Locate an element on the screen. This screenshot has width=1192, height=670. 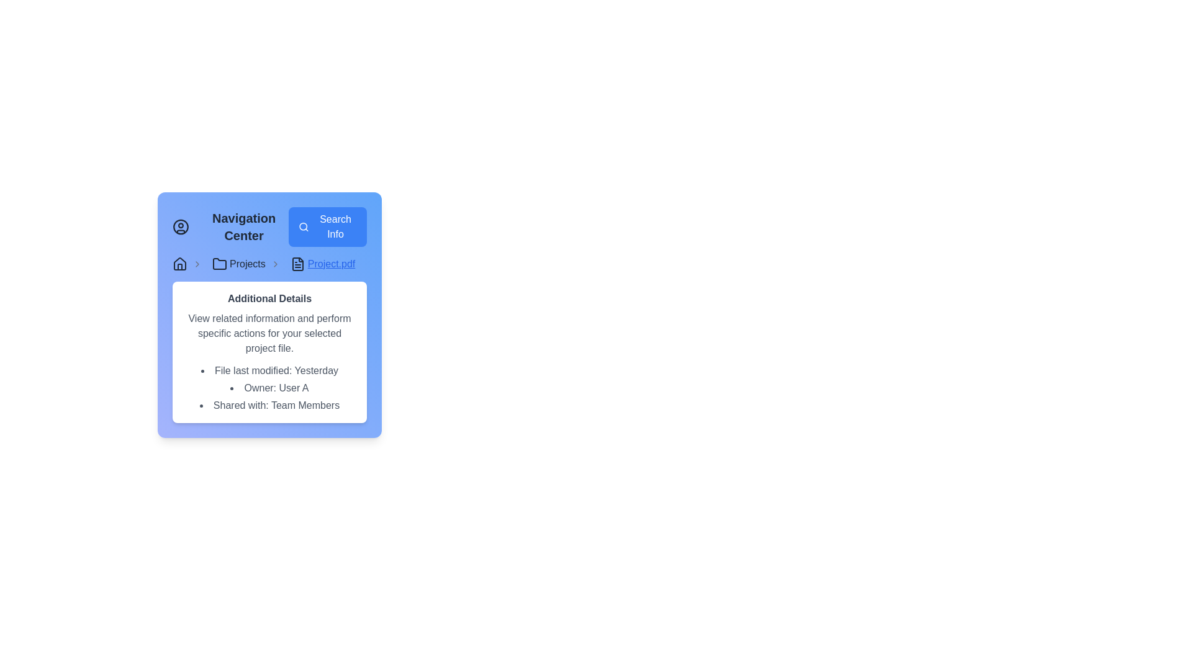
the text label reading 'Owner: User A', which is the second item in a bulleted list within the 'Additional Details' section is located at coordinates (269, 387).